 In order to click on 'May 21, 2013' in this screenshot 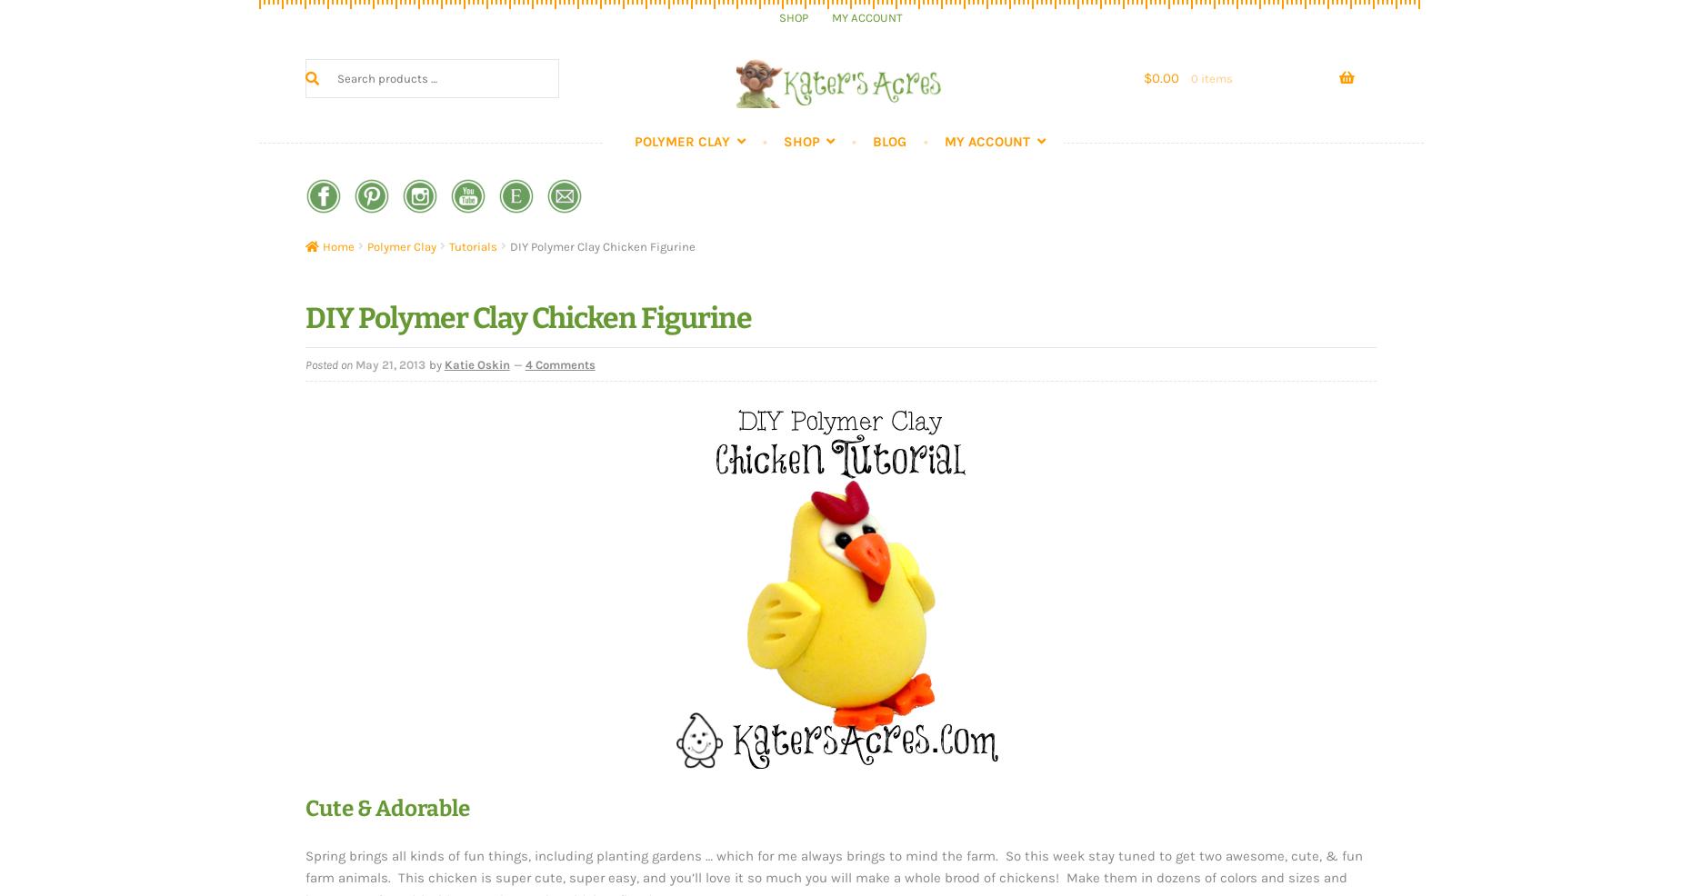, I will do `click(388, 363)`.